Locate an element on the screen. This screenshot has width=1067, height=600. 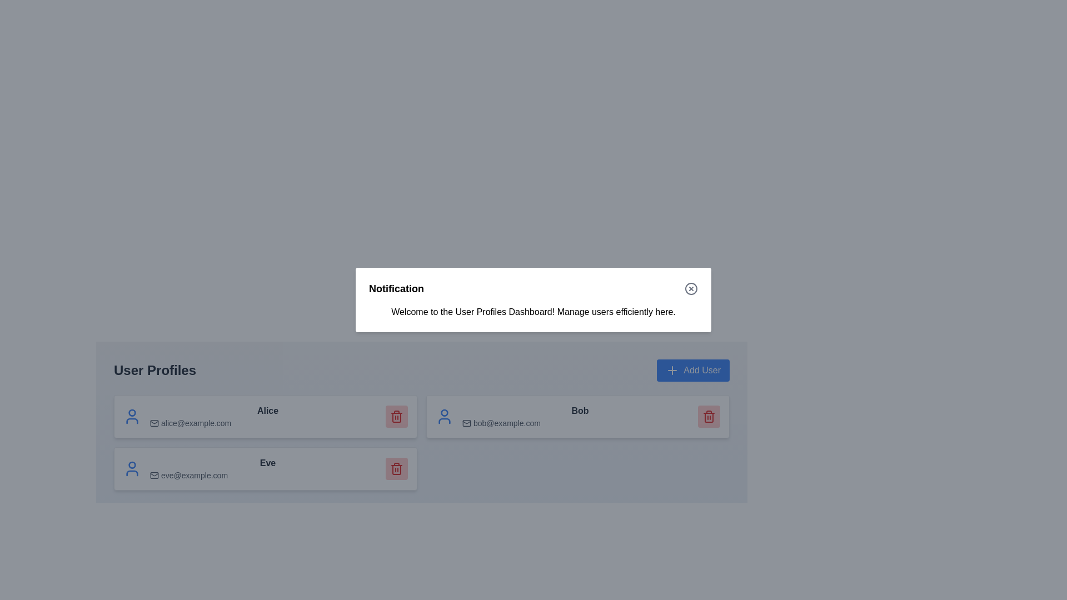
the Informational Card that displays notifications or instructions, centrally located in the view with a darkened background is located at coordinates (533, 300).